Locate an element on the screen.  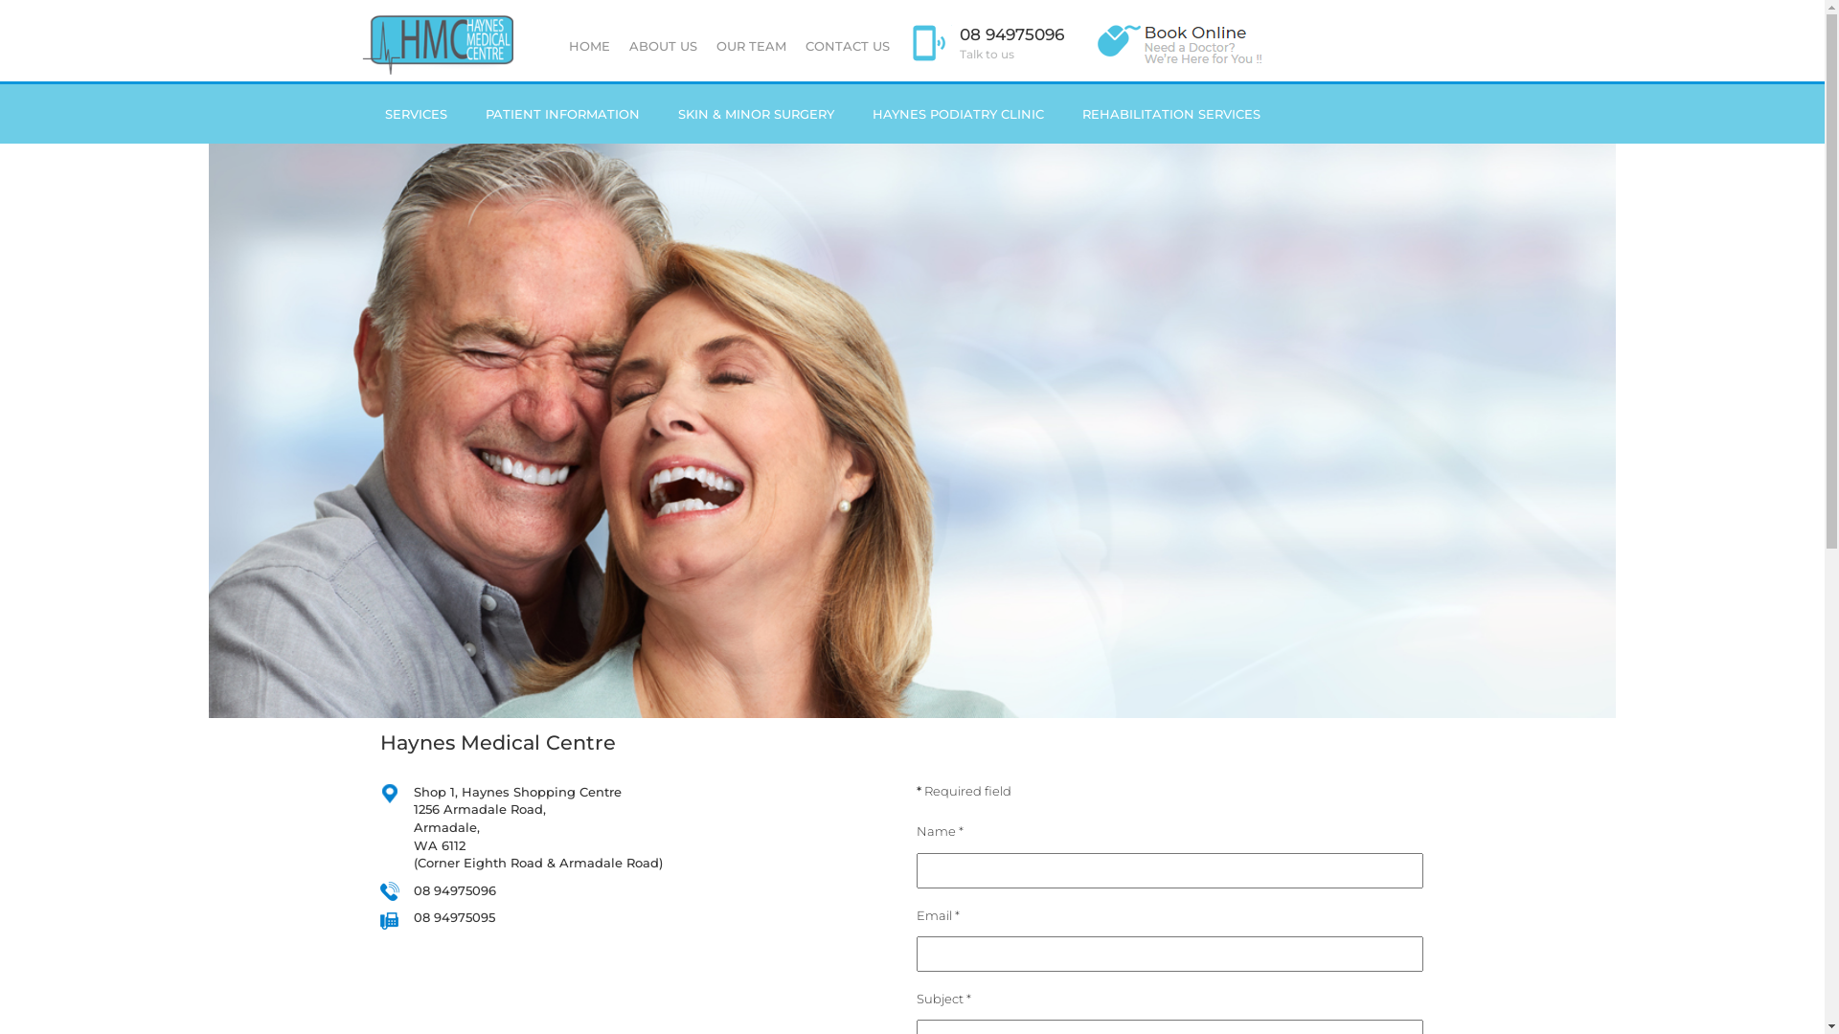
'SKIN & MINOR SURGERY' is located at coordinates (658, 114).